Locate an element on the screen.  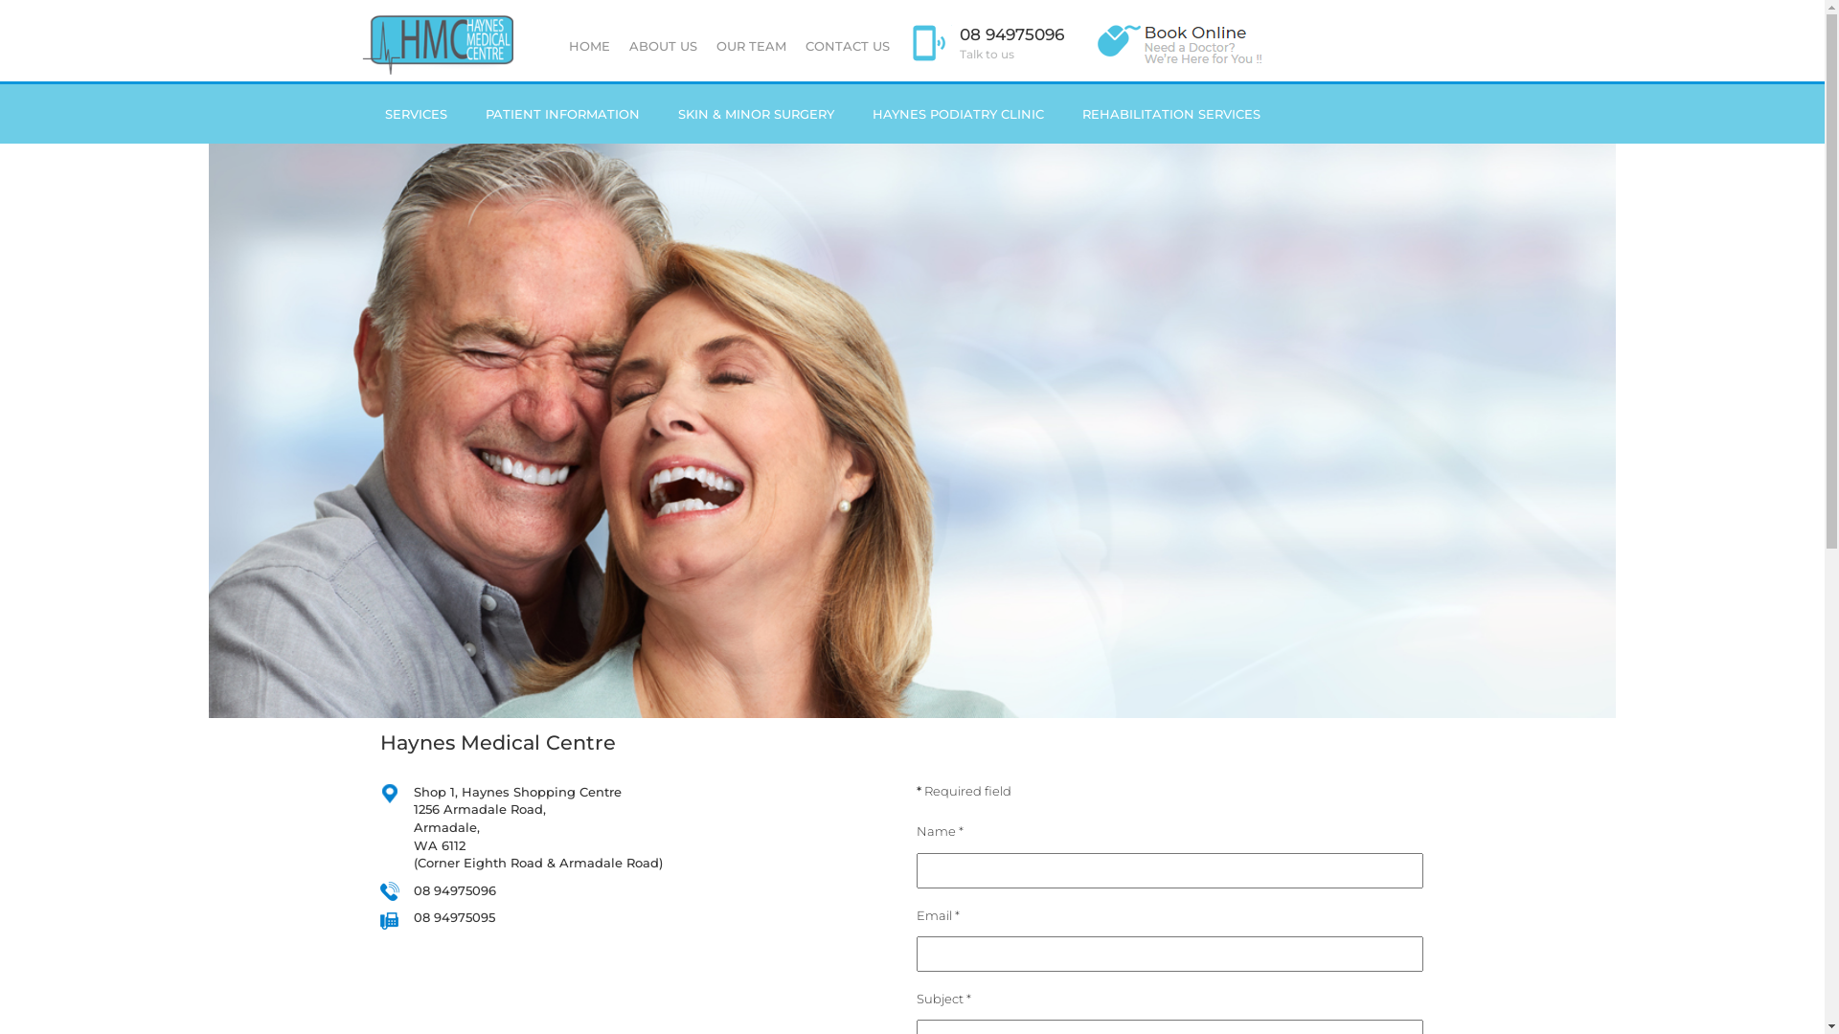
'SKIN & MINOR SURGERY' is located at coordinates (658, 114).